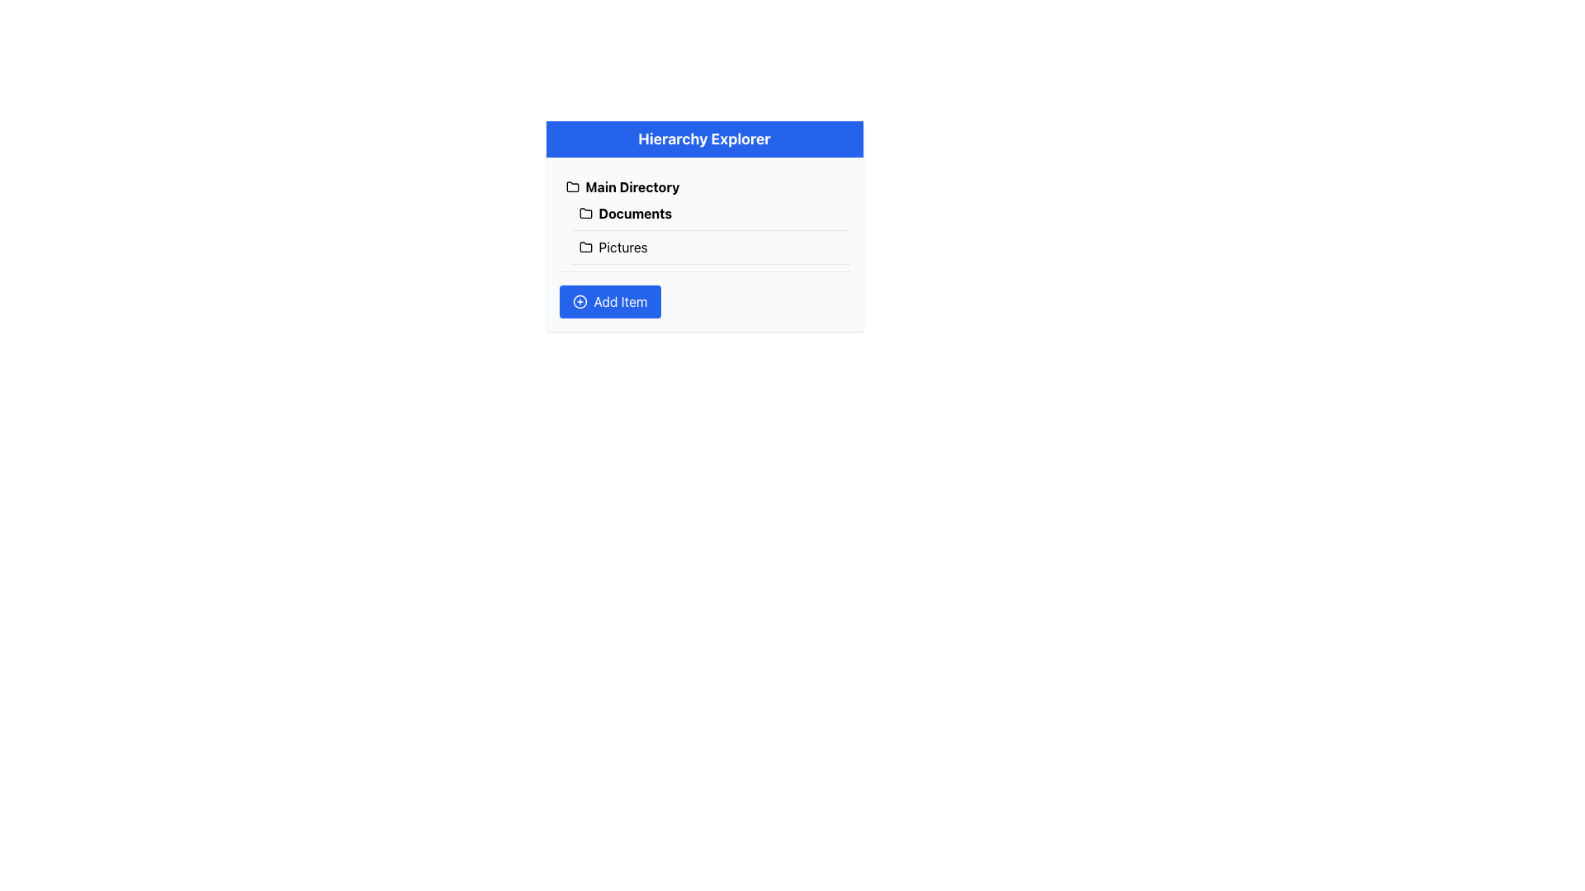 The height and width of the screenshot is (891, 1585). I want to click on the folder icon located next to the 'Pictures' text in the Hierarchy Explorer, so click(585, 247).